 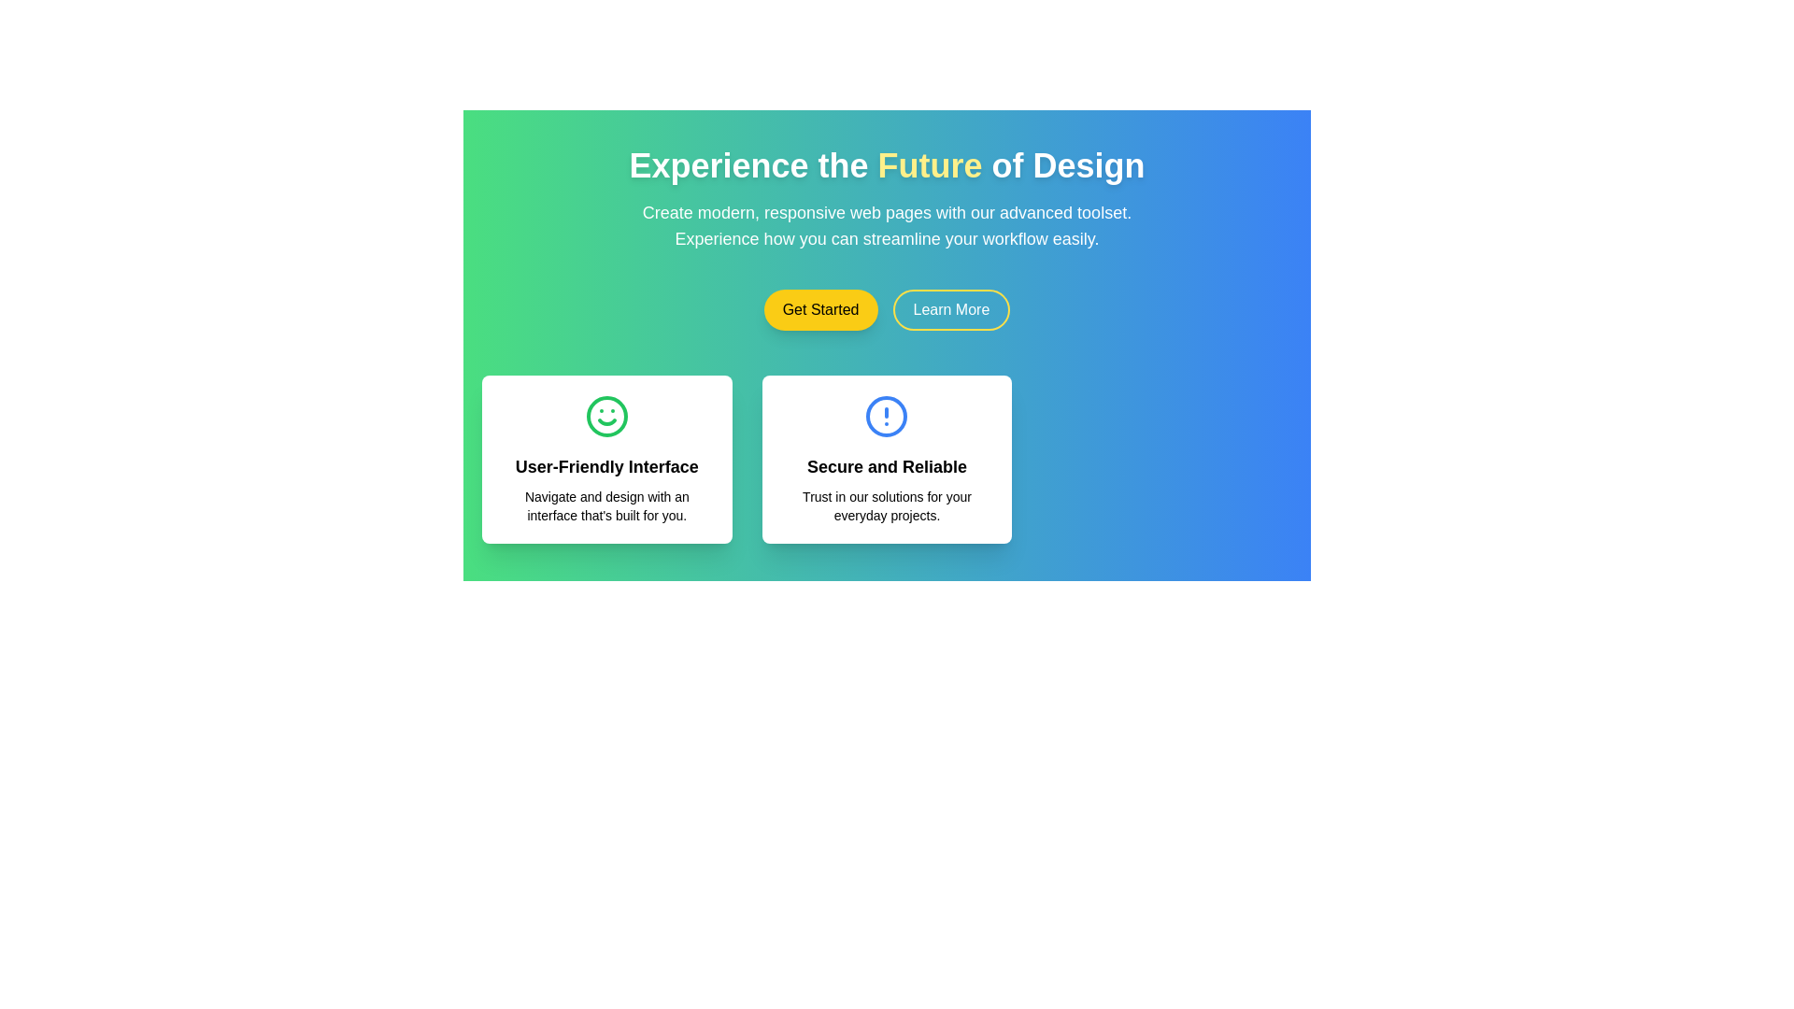 I want to click on the descriptive text below the title 'Secure and Reliable' in the second column card, which provides additional context about the card's theme, so click(x=886, y=506).